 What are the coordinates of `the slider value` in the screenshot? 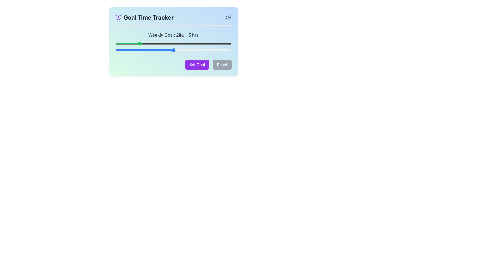 It's located at (220, 50).